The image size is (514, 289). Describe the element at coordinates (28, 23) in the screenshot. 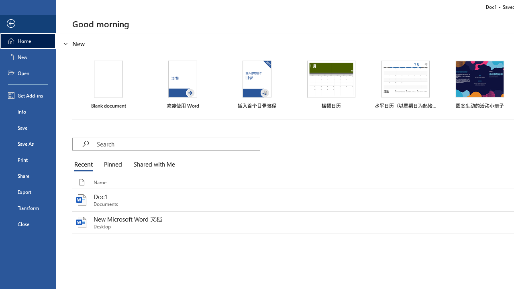

I see `'Back'` at that location.